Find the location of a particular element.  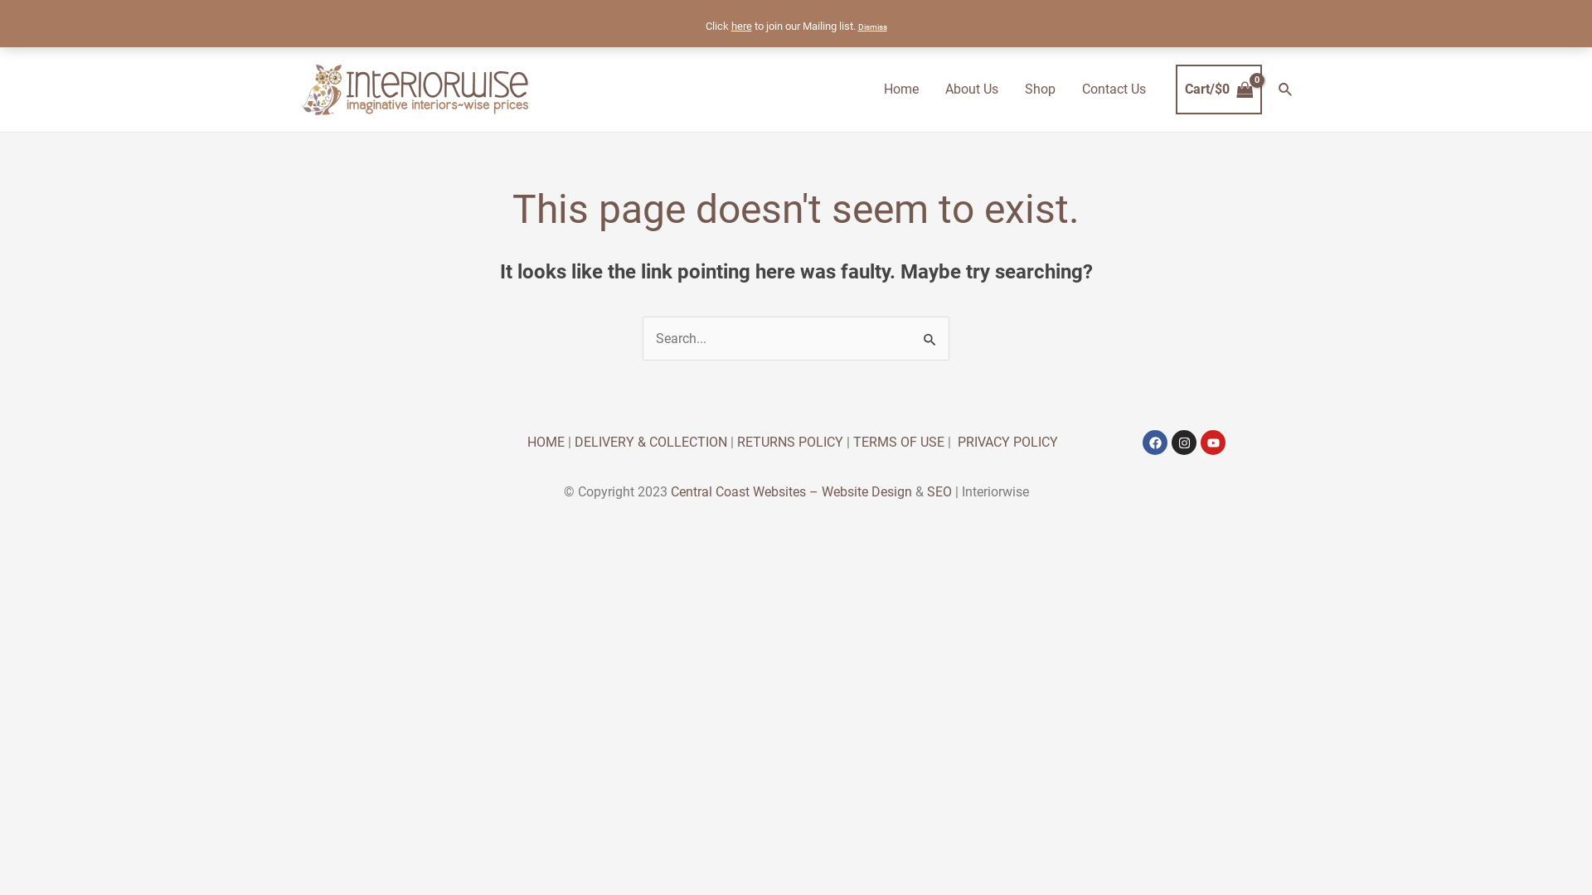

'Youtube' is located at coordinates (1213, 441).